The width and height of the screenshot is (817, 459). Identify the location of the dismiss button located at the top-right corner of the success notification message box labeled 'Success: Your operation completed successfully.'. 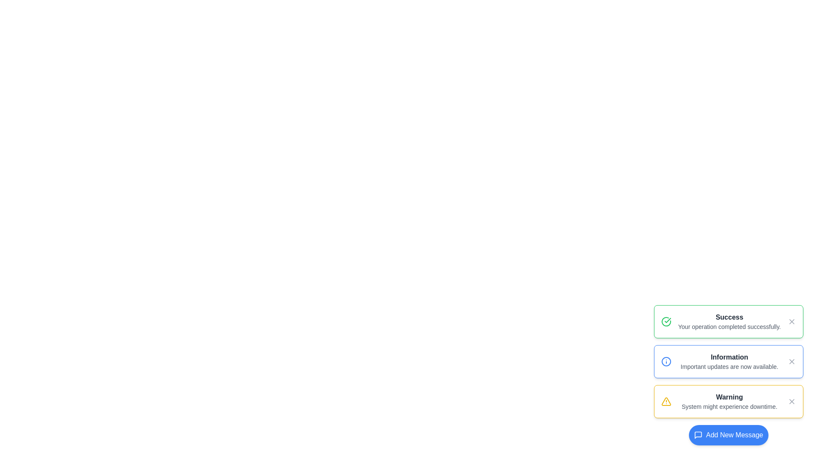
(791, 321).